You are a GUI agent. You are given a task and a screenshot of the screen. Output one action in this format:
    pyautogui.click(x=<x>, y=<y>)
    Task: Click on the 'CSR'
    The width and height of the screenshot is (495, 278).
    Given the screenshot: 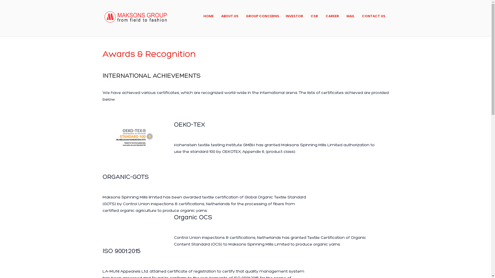 What is the action you would take?
    pyautogui.click(x=314, y=16)
    